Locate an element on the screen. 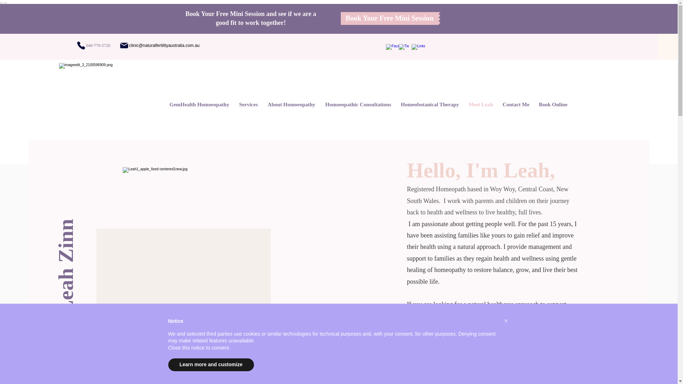 The height and width of the screenshot is (384, 683). 'GemHealth Homoeopathy' is located at coordinates (199, 104).